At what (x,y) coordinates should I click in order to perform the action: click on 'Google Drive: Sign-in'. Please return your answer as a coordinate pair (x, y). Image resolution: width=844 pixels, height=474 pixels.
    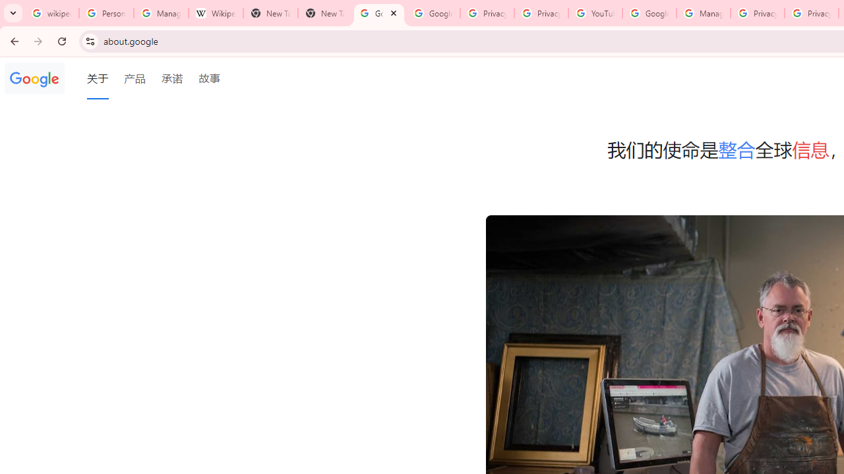
    Looking at the image, I should click on (433, 13).